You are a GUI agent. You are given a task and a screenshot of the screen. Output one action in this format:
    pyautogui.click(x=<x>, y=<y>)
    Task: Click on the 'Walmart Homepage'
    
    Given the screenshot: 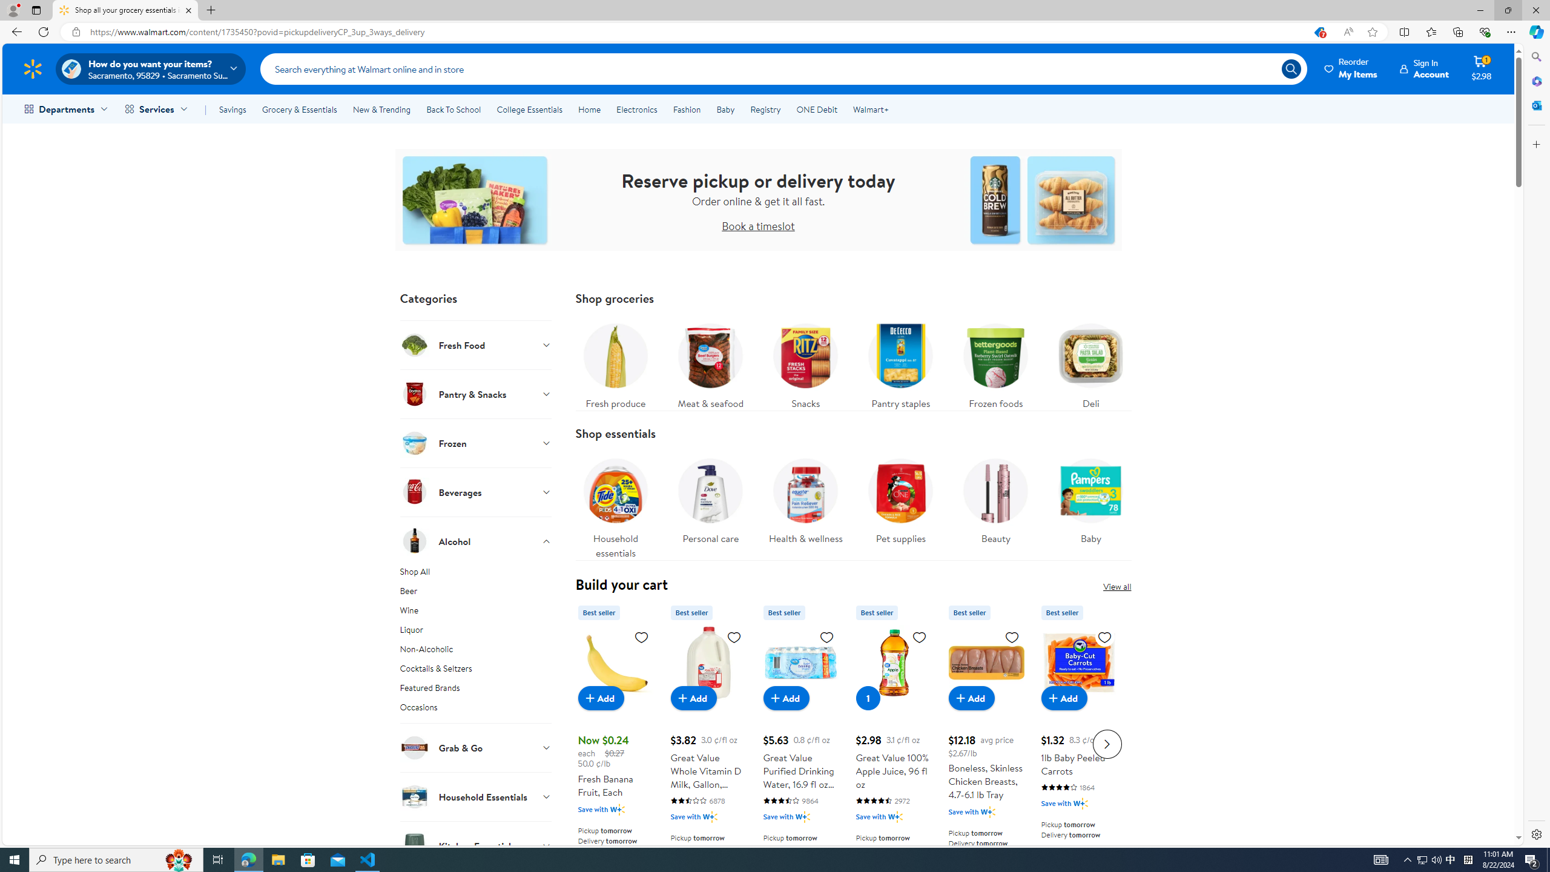 What is the action you would take?
    pyautogui.click(x=31, y=68)
    